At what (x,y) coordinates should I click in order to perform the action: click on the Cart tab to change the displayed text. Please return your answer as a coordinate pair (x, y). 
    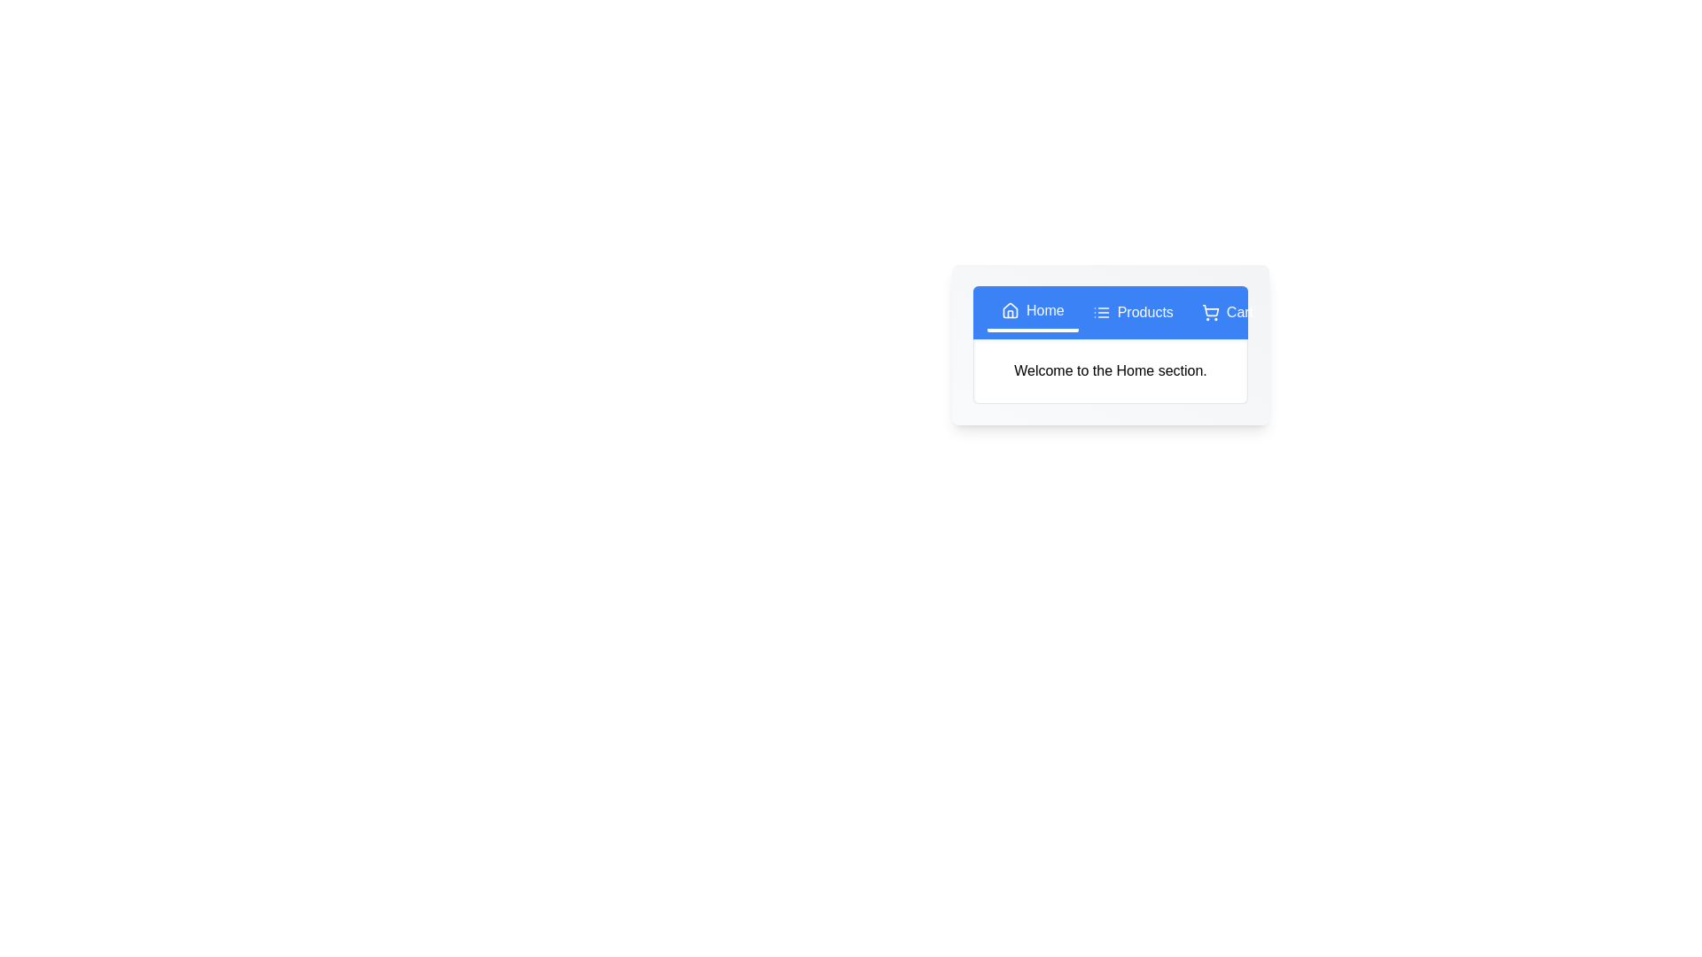
    Looking at the image, I should click on (1225, 312).